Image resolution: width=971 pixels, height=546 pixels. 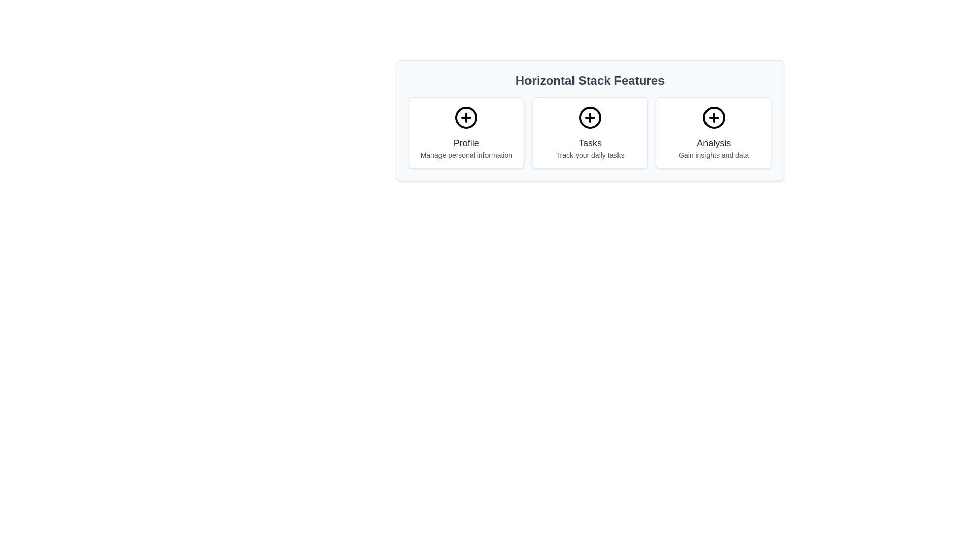 What do you see at coordinates (466, 155) in the screenshot?
I see `the descriptive subtitle text located beneath the 'Profile' heading in the 'Profile' card, which provides additional context for the feature` at bounding box center [466, 155].